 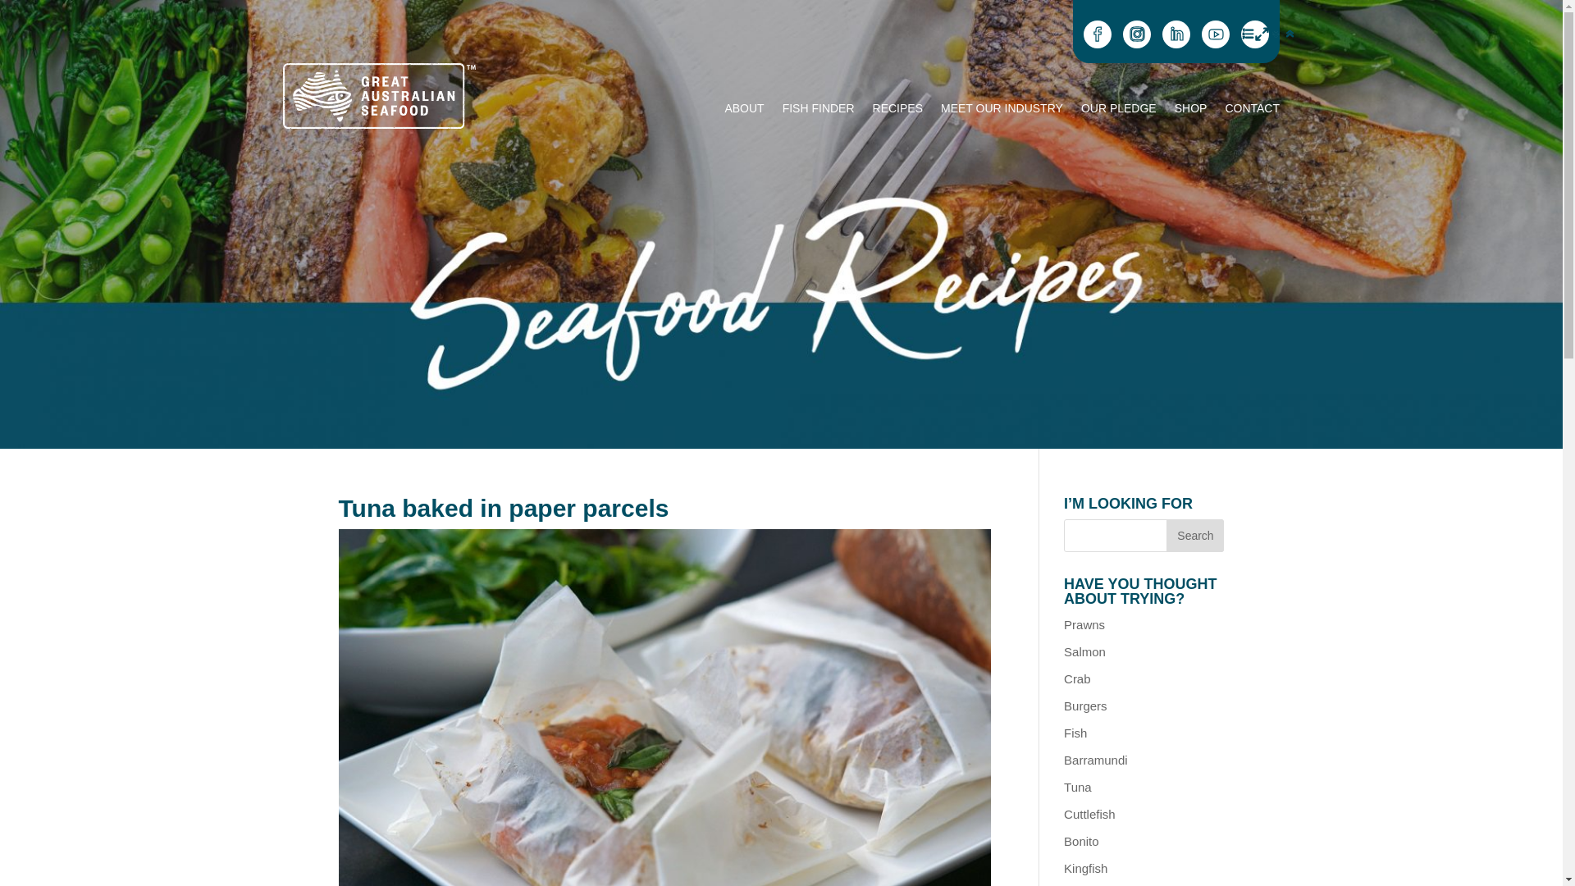 I want to click on 'Email Us', so click(x=1254, y=34).